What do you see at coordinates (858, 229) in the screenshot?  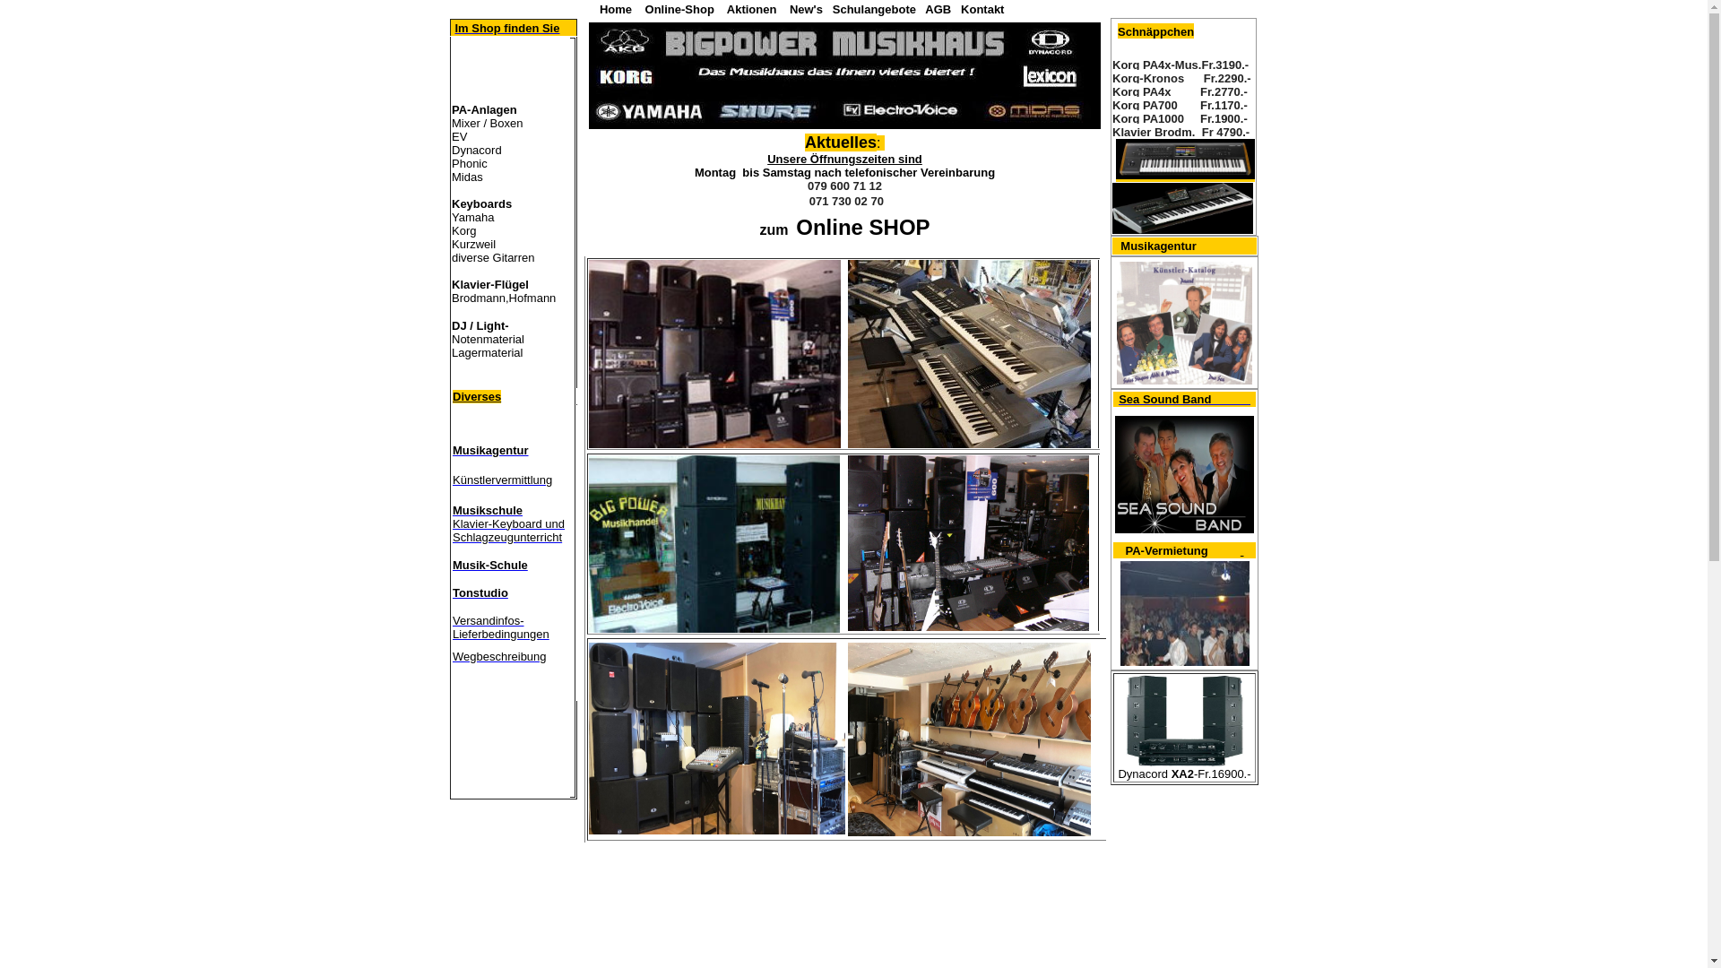 I see `'Online SHOP'` at bounding box center [858, 229].